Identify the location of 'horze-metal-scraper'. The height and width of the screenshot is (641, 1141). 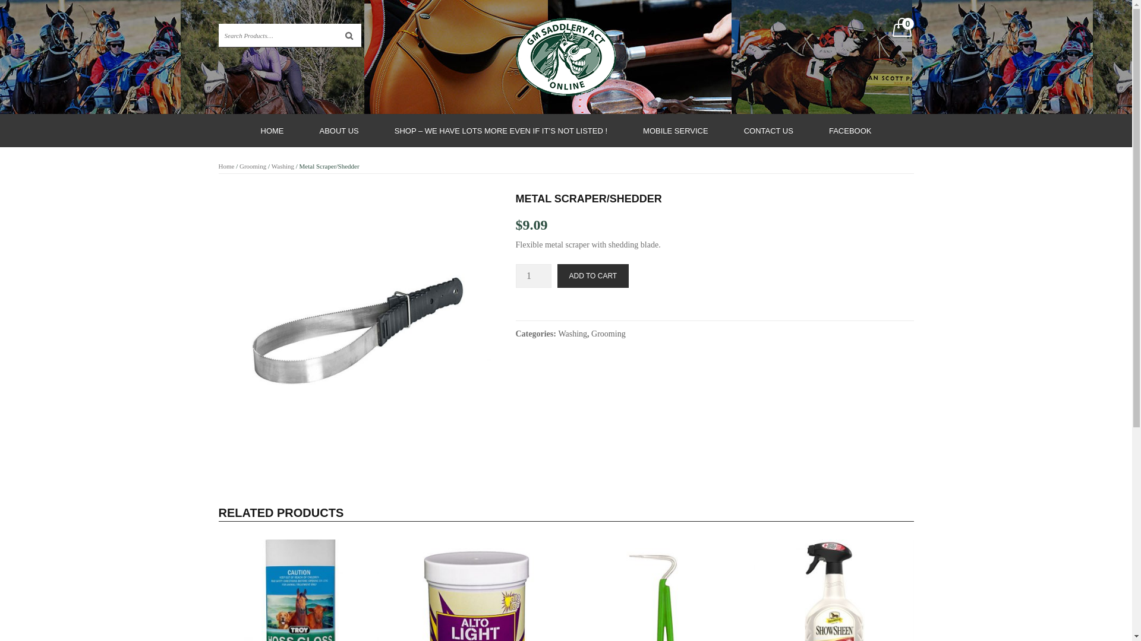
(358, 331).